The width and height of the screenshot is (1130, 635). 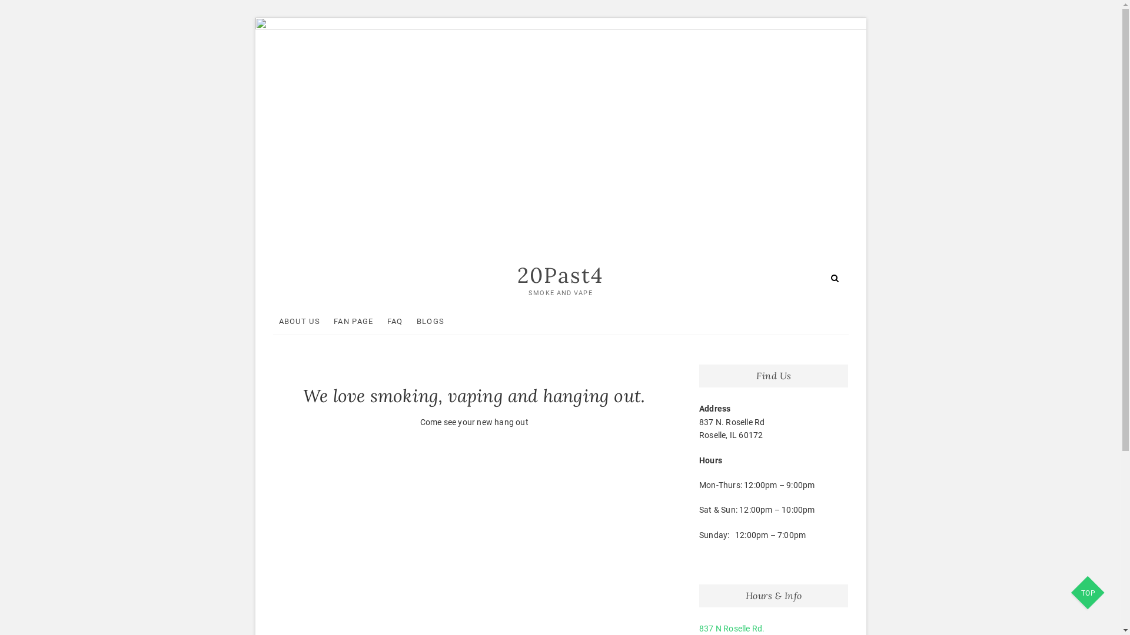 What do you see at coordinates (1071, 594) in the screenshot?
I see `'TOP'` at bounding box center [1071, 594].